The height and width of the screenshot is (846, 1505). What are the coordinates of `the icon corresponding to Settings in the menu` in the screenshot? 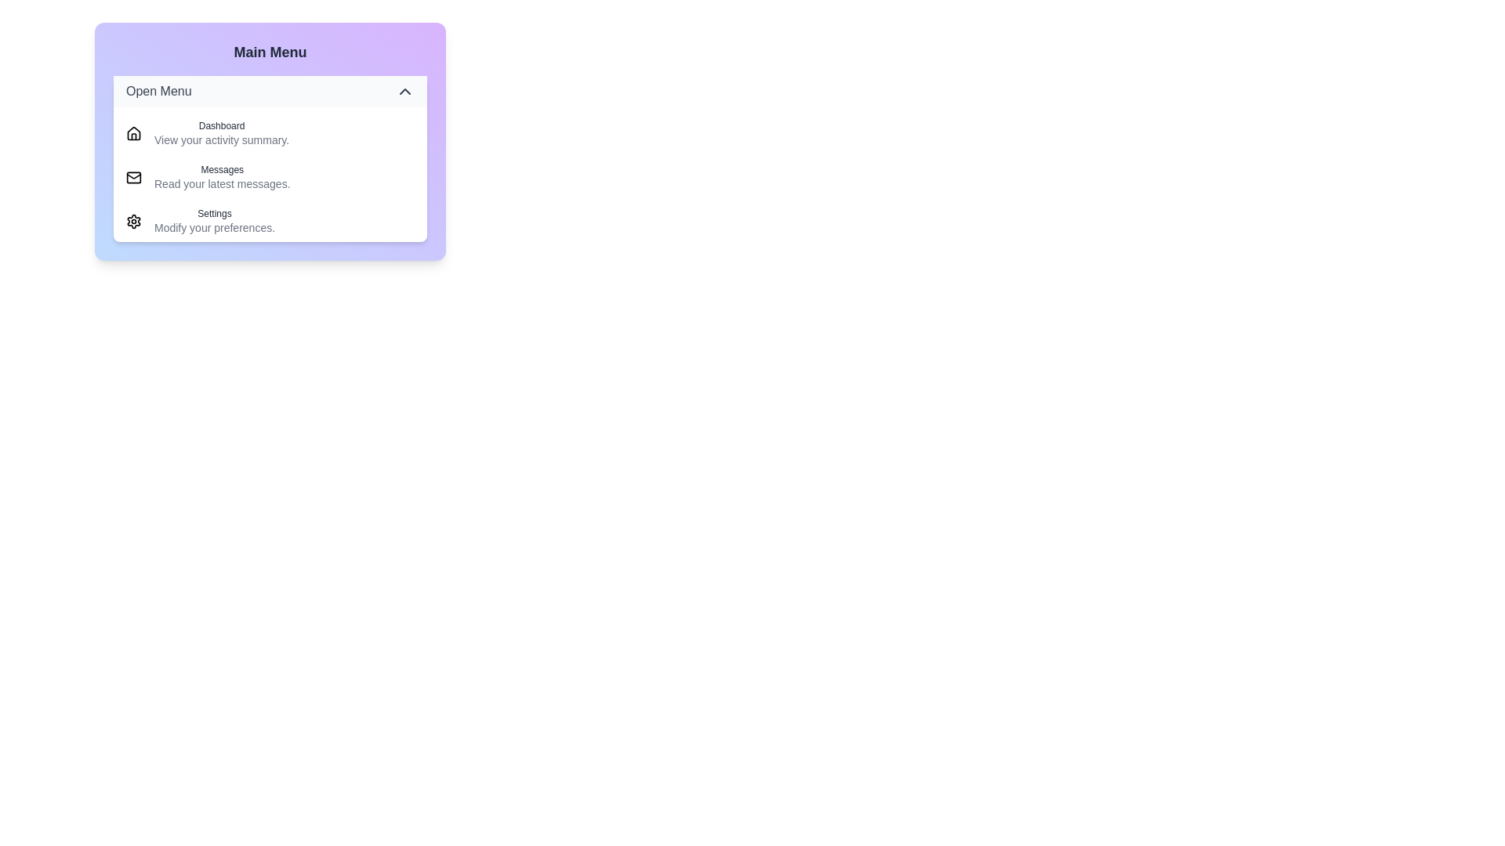 It's located at (134, 221).